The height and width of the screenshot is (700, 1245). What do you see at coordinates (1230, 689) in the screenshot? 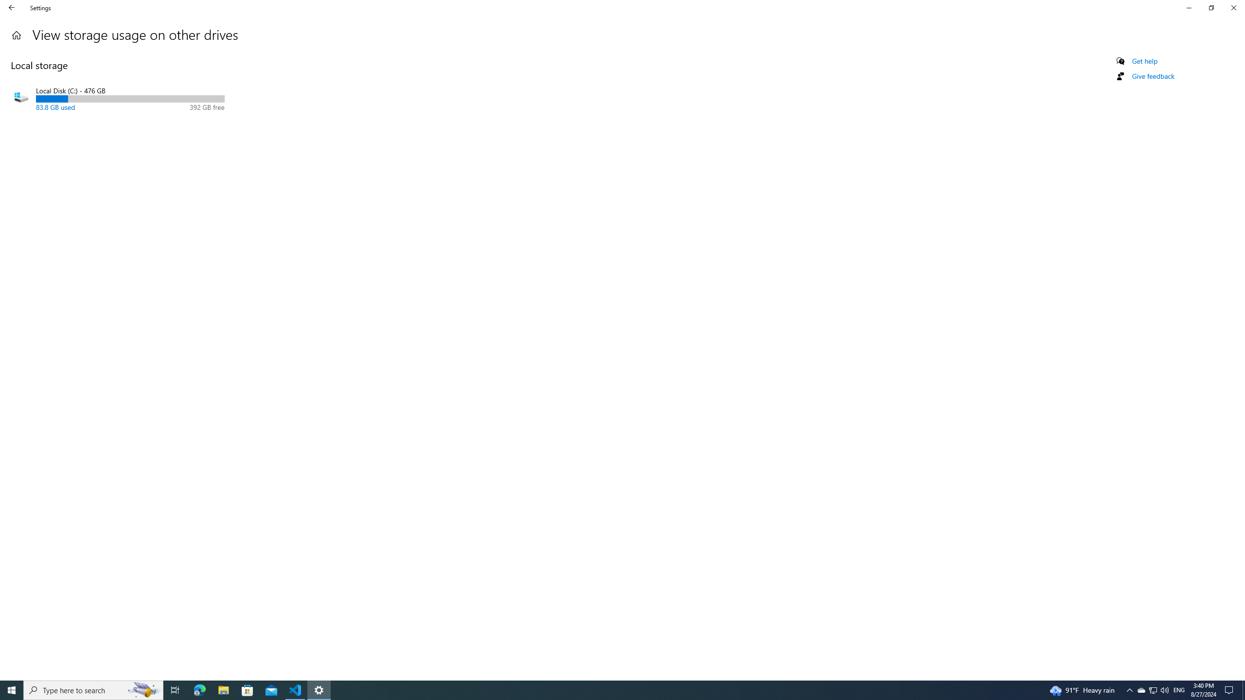
I see `'Action Center, No new notifications'` at bounding box center [1230, 689].